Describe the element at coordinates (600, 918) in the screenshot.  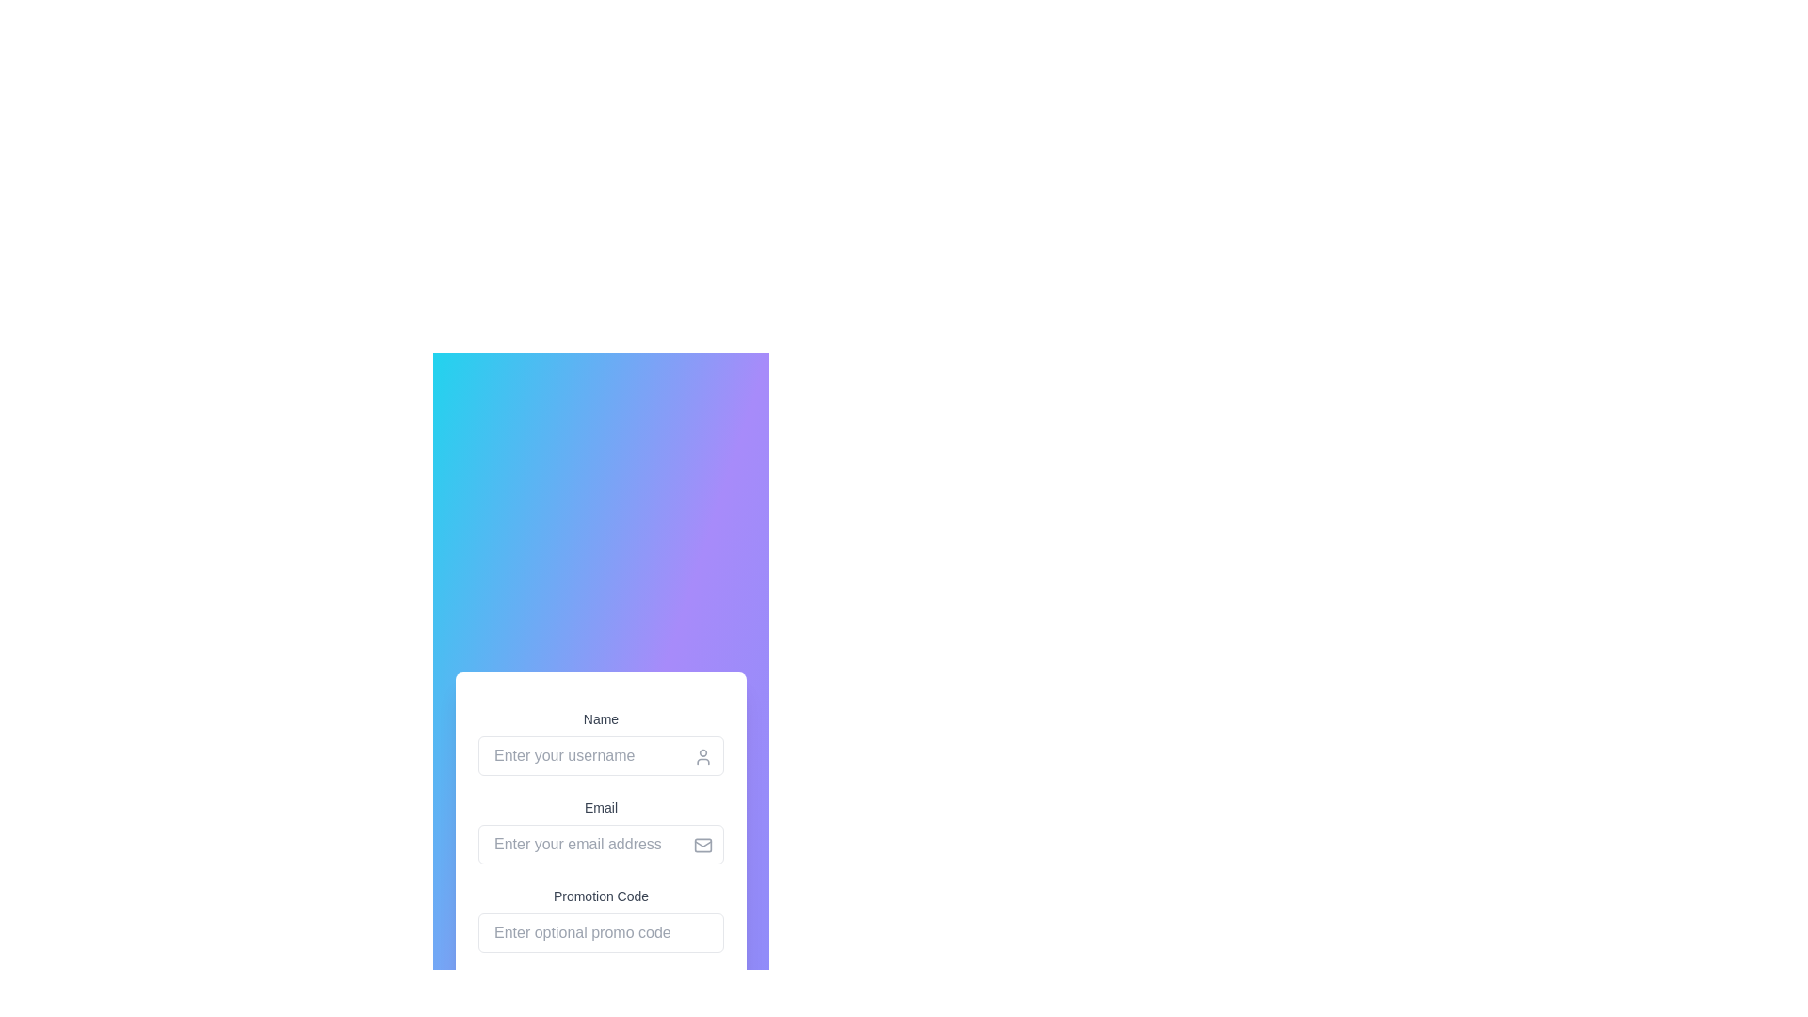
I see `the Text Input Field for entering a promotional code, which is the third input field in the vertical form layout` at that location.